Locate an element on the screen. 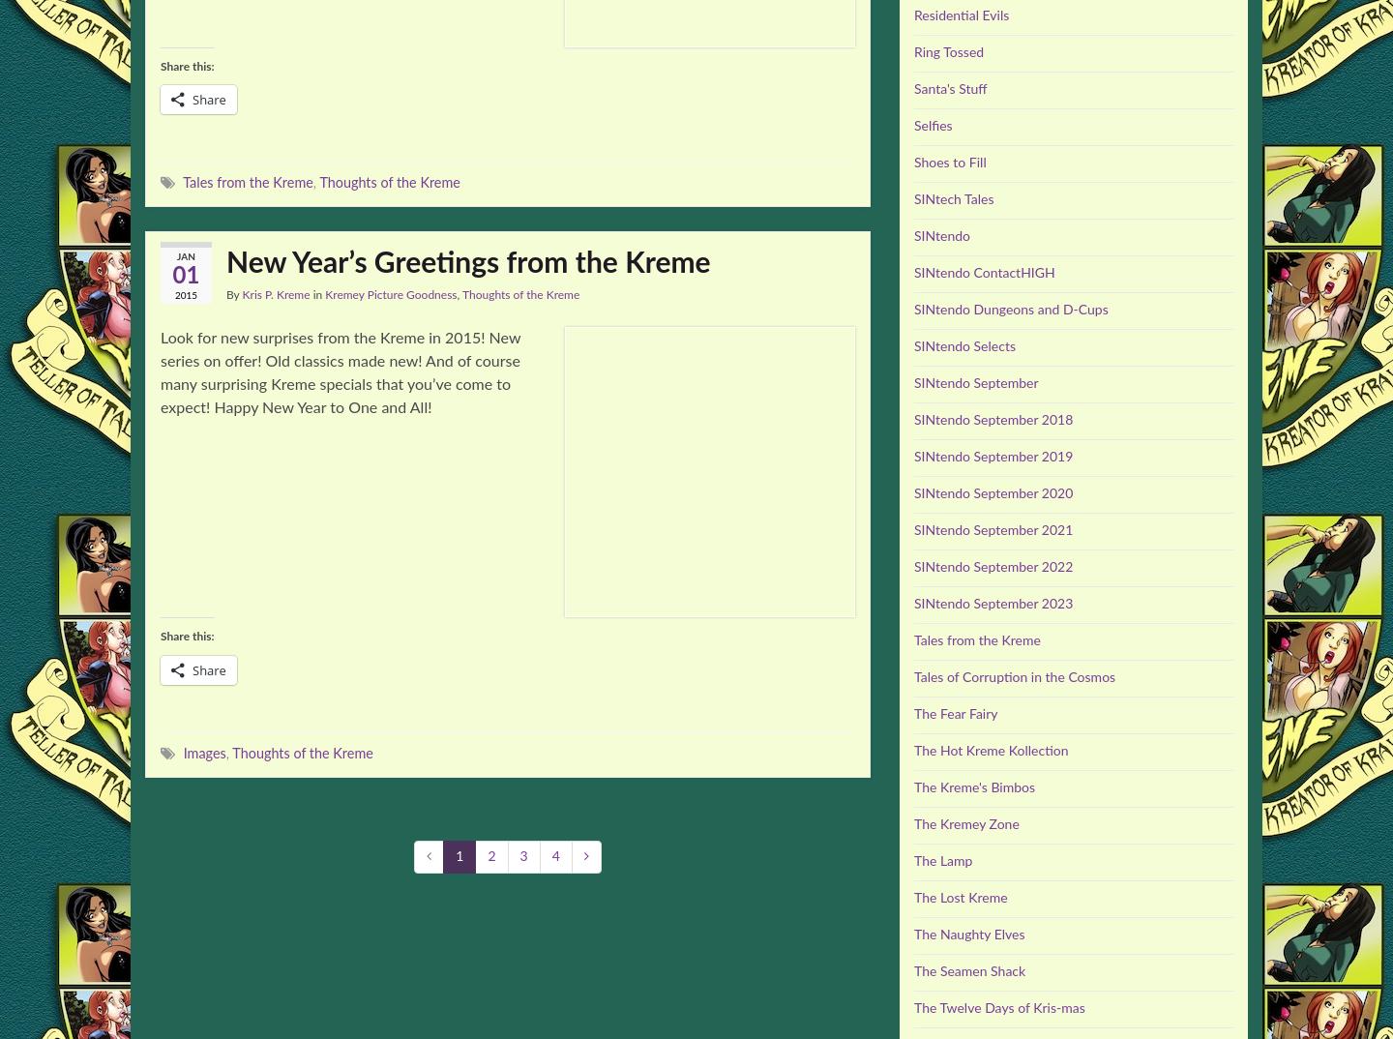  'Selfies' is located at coordinates (932, 126).